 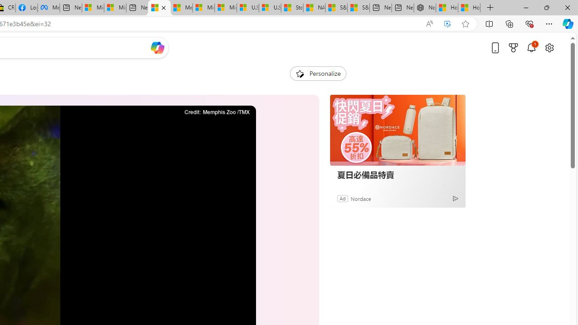 What do you see at coordinates (26, 8) in the screenshot?
I see `'Log into Facebook'` at bounding box center [26, 8].